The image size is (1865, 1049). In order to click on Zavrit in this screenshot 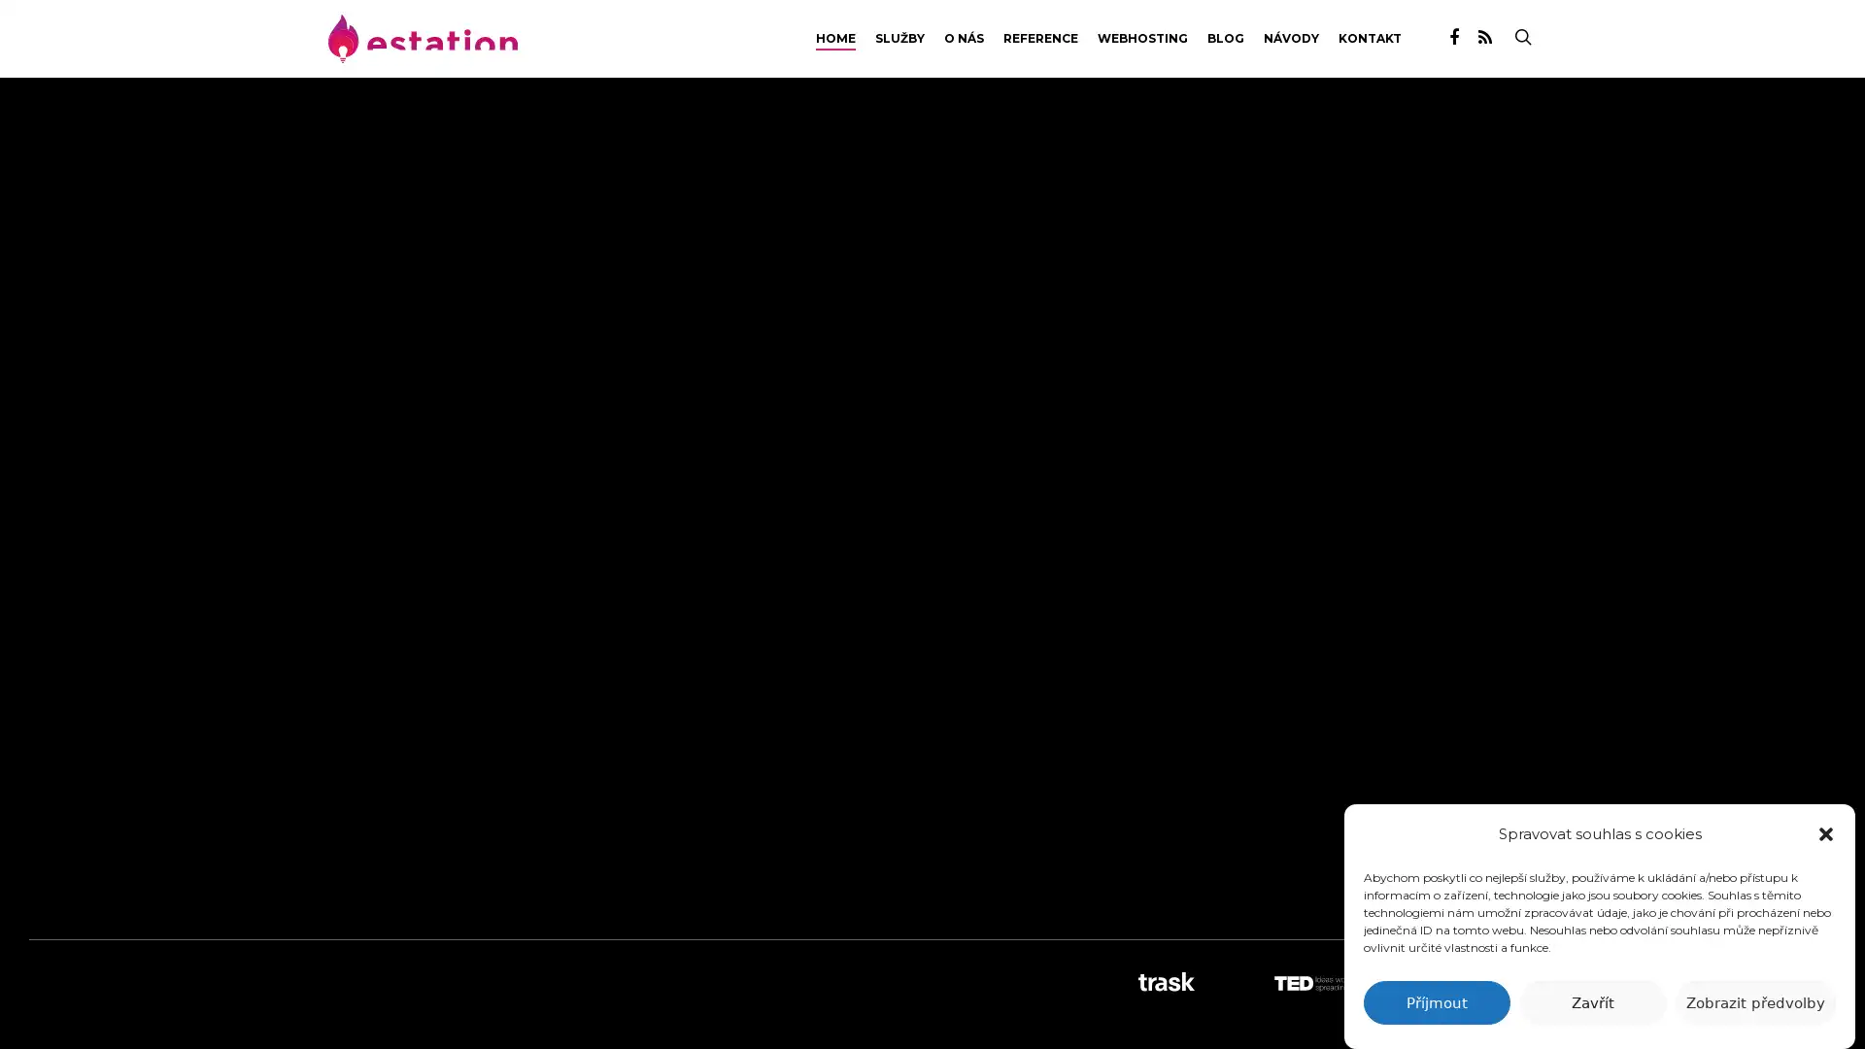, I will do `click(1592, 1002)`.